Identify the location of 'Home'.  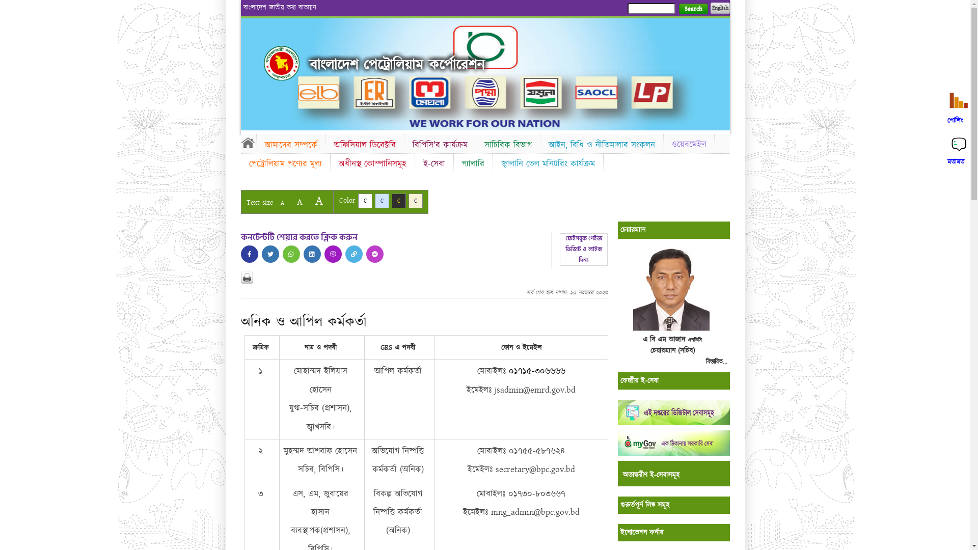
(281, 63).